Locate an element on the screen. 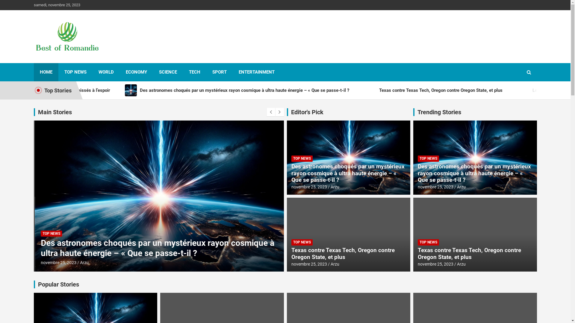 The height and width of the screenshot is (323, 575). 'SPORT' is located at coordinates (219, 72).